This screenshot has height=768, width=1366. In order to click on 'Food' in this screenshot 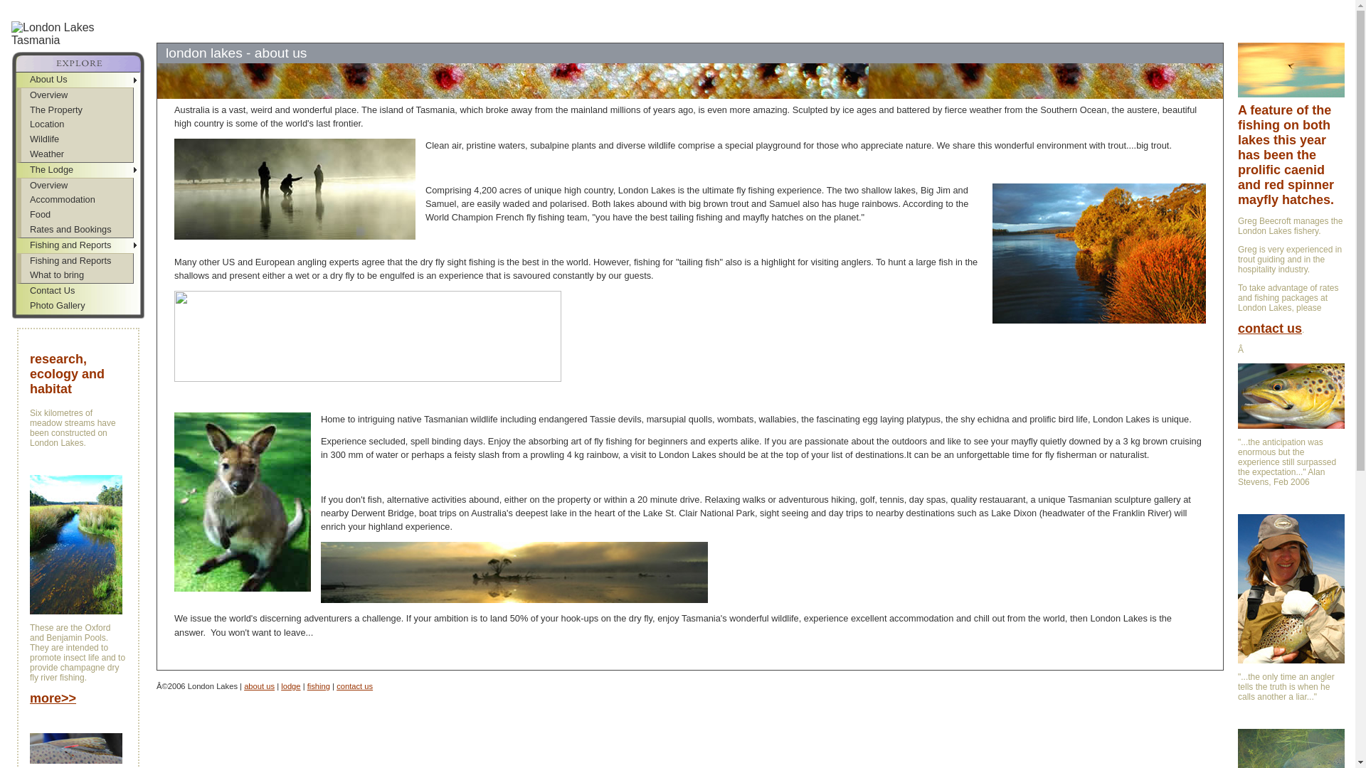, I will do `click(21, 215)`.